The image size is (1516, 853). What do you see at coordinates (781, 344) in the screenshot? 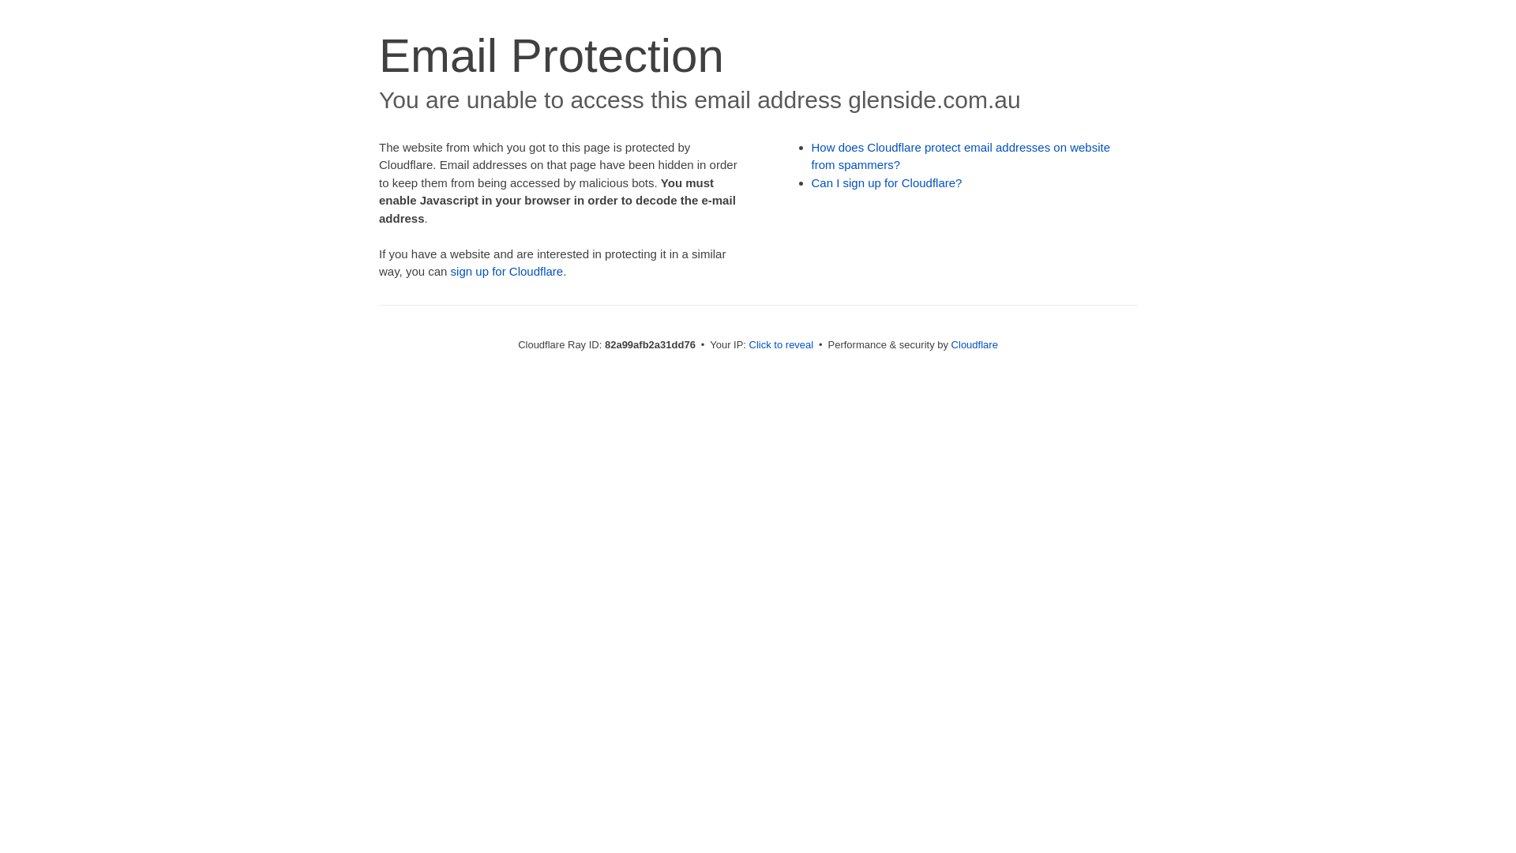
I see `'Click to reveal'` at bounding box center [781, 344].